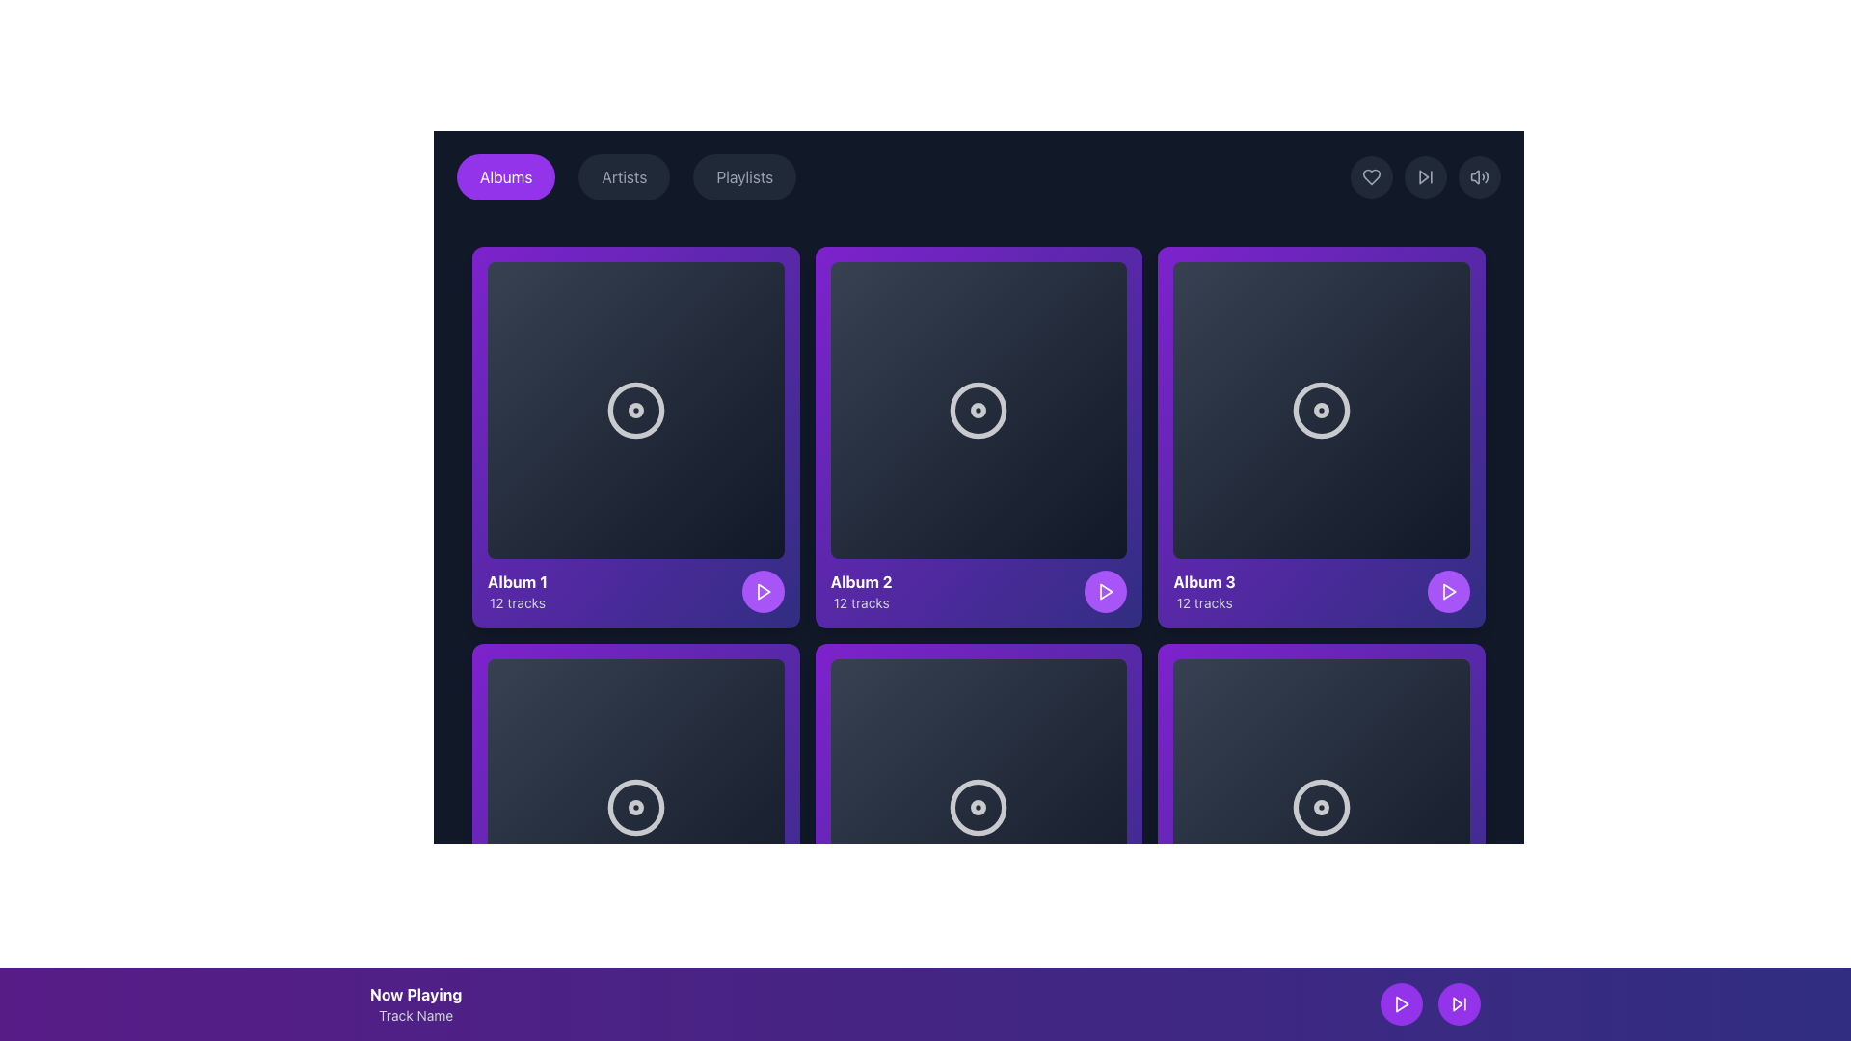  What do you see at coordinates (1448, 590) in the screenshot?
I see `the play button located to the far right of the row associated with 'Album 3' to initiate playback of the album` at bounding box center [1448, 590].